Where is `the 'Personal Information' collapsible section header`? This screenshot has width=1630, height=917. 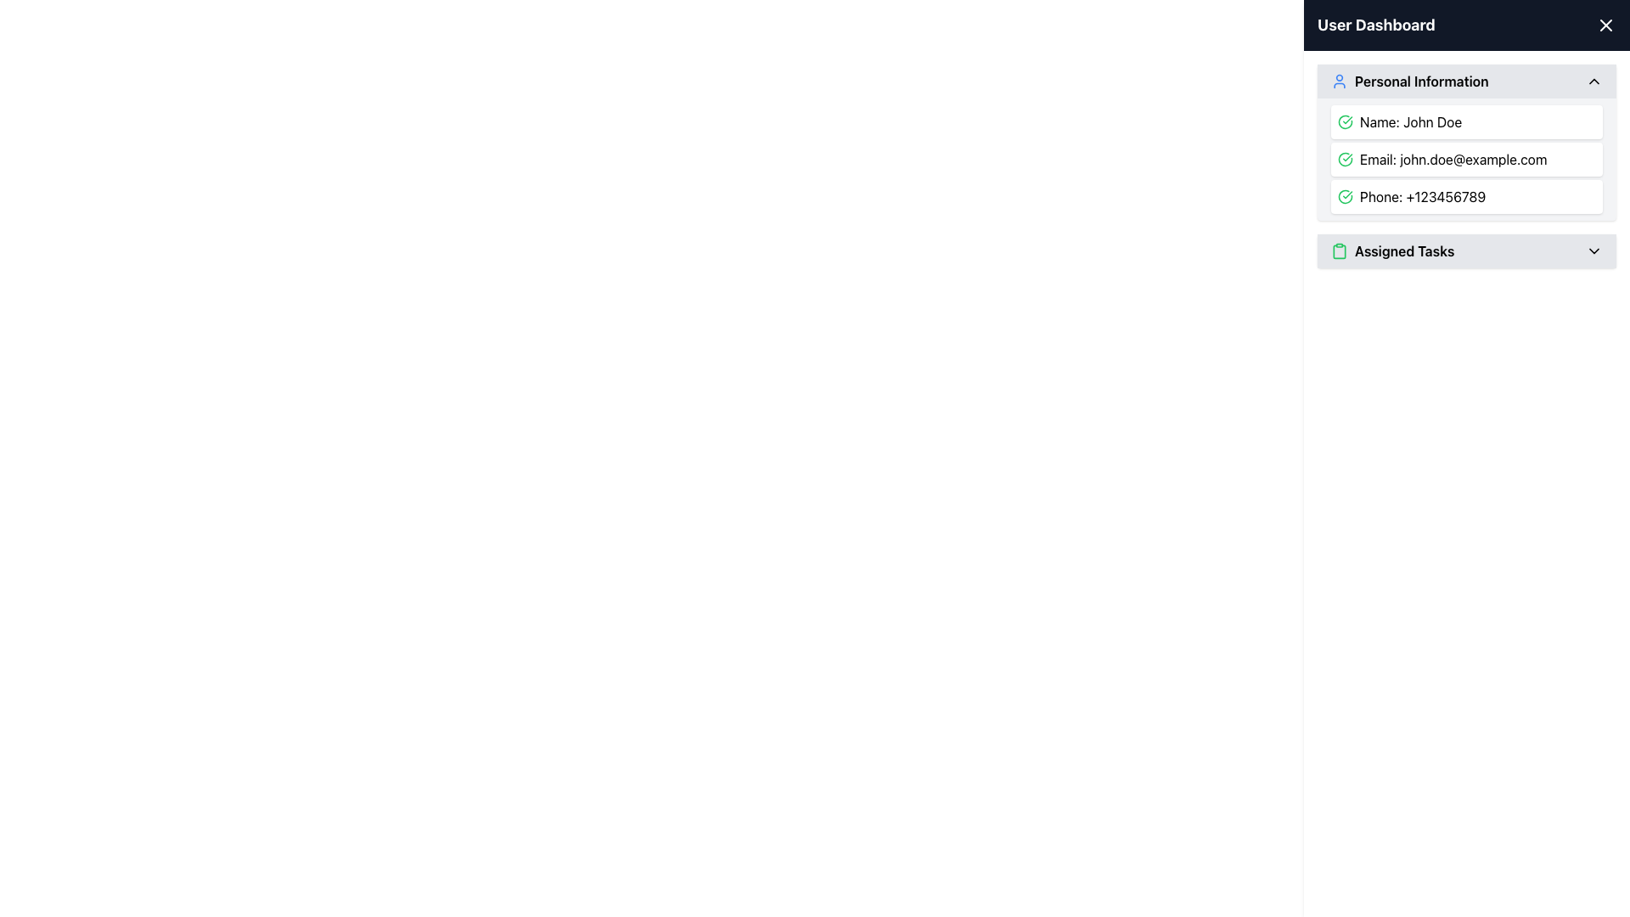
the 'Personal Information' collapsible section header is located at coordinates (1466, 82).